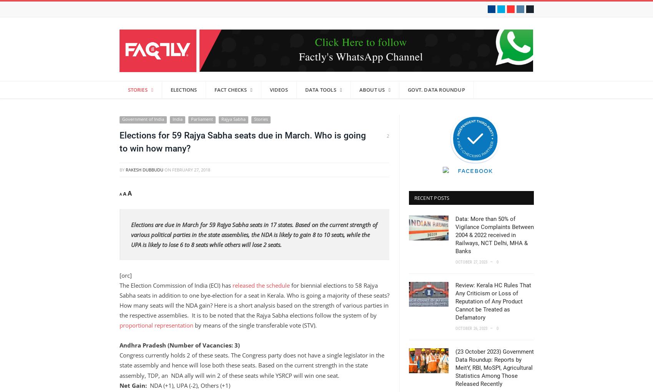 The width and height of the screenshot is (653, 392). What do you see at coordinates (168, 169) in the screenshot?
I see `'on'` at bounding box center [168, 169].